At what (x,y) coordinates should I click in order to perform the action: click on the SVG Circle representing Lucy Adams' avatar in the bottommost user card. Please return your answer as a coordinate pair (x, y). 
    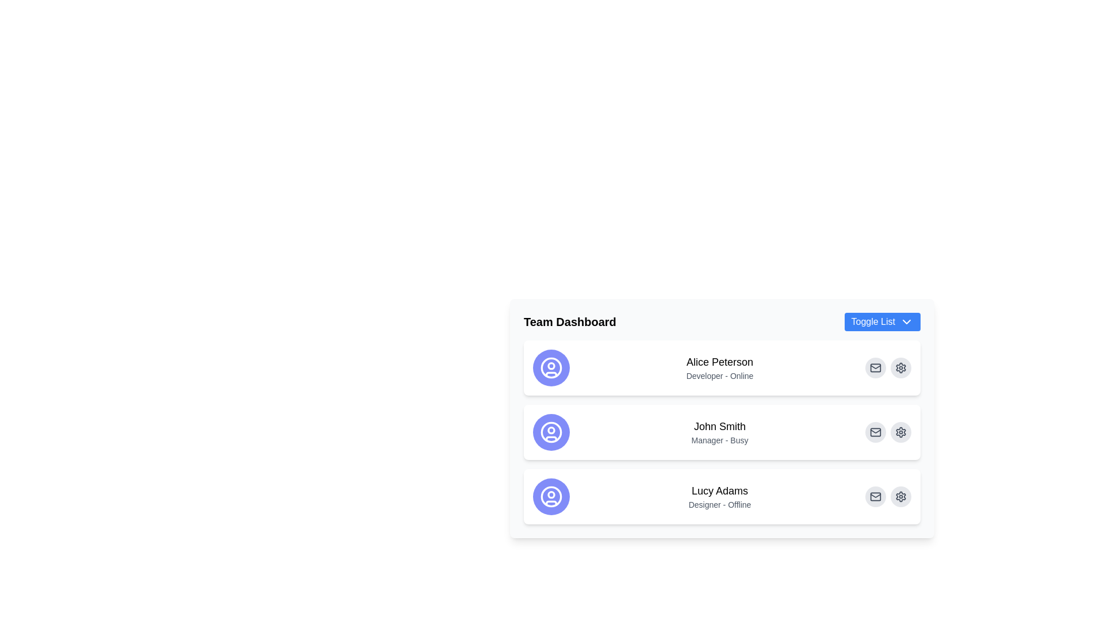
    Looking at the image, I should click on (551, 494).